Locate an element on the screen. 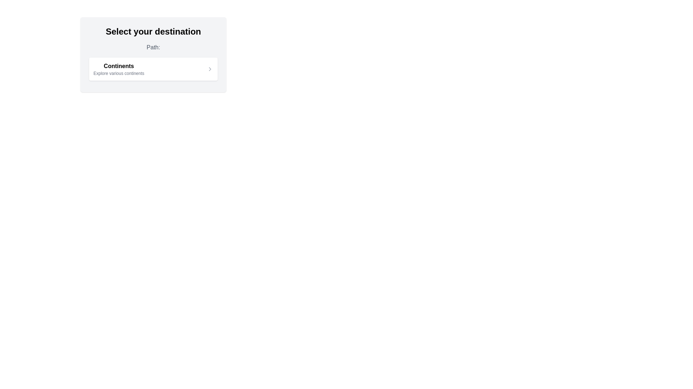  the text element consisting of a heading and subheading located beneath the header 'Select your destination' to visually highlight it is located at coordinates (119, 69).